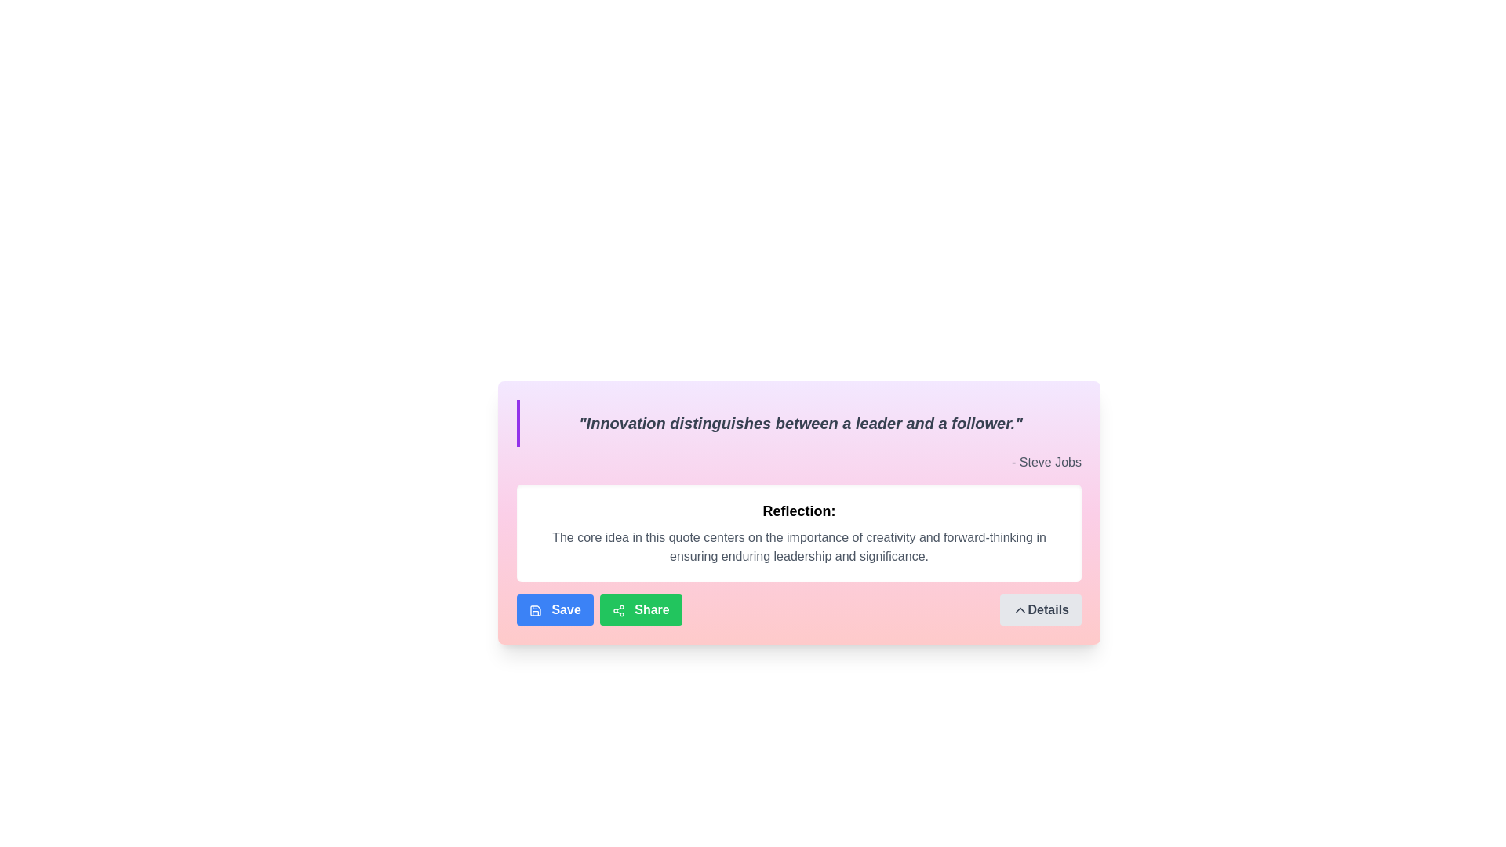 This screenshot has width=1506, height=847. I want to click on the 'Details' button on the Interactive button cluster, which is a gray button located on the right side of a horizontal bar with a pink background, so click(798, 609).